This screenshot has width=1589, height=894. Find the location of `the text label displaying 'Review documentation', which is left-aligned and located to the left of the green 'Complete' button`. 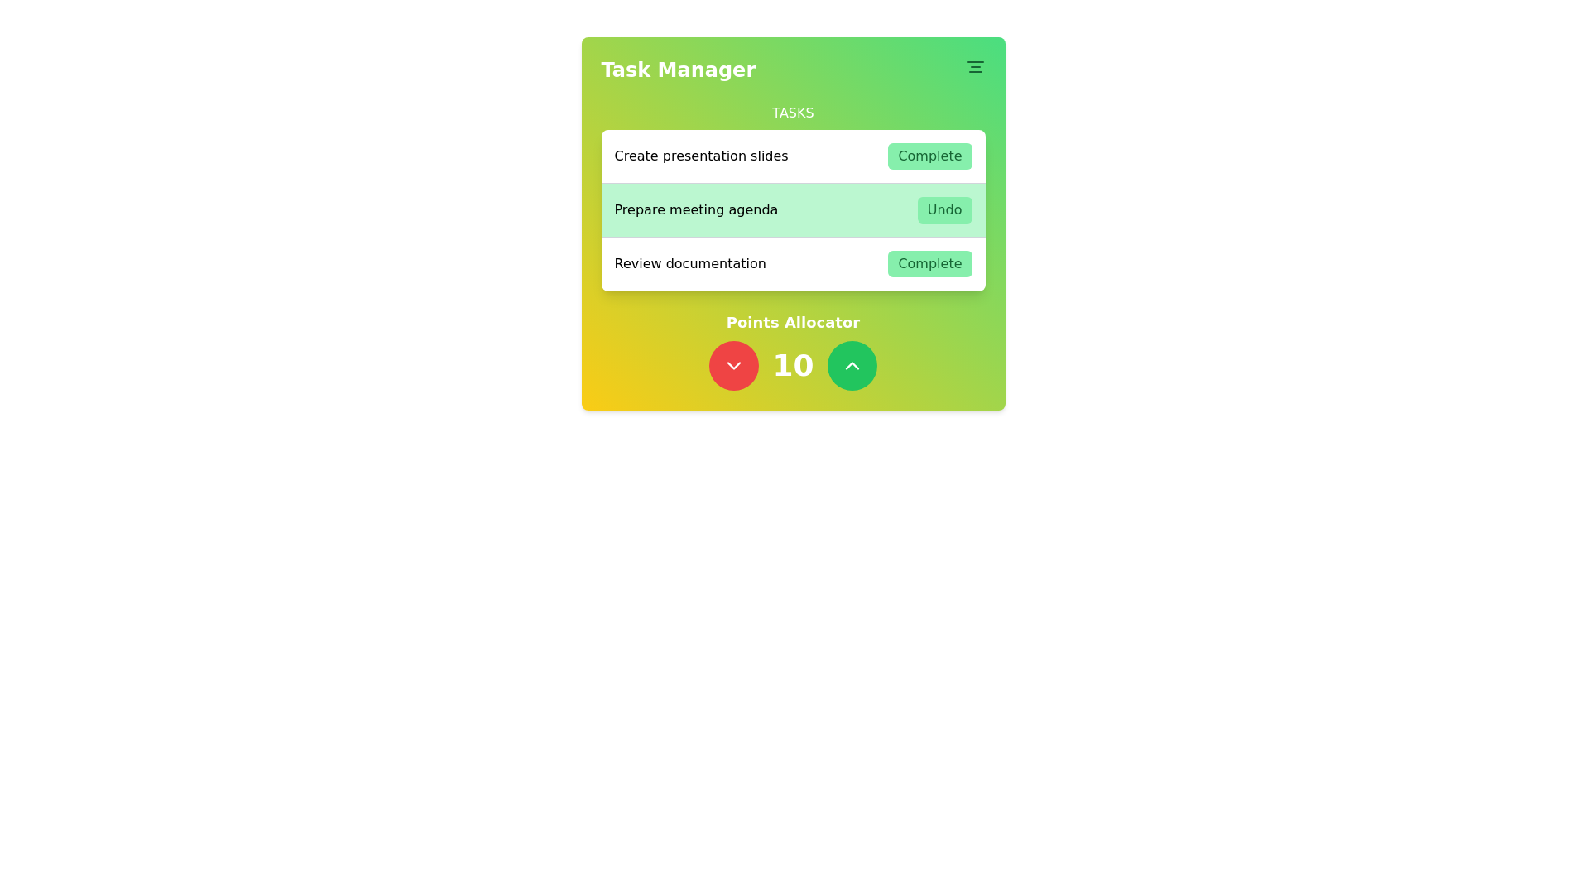

the text label displaying 'Review documentation', which is left-aligned and located to the left of the green 'Complete' button is located at coordinates (690, 263).